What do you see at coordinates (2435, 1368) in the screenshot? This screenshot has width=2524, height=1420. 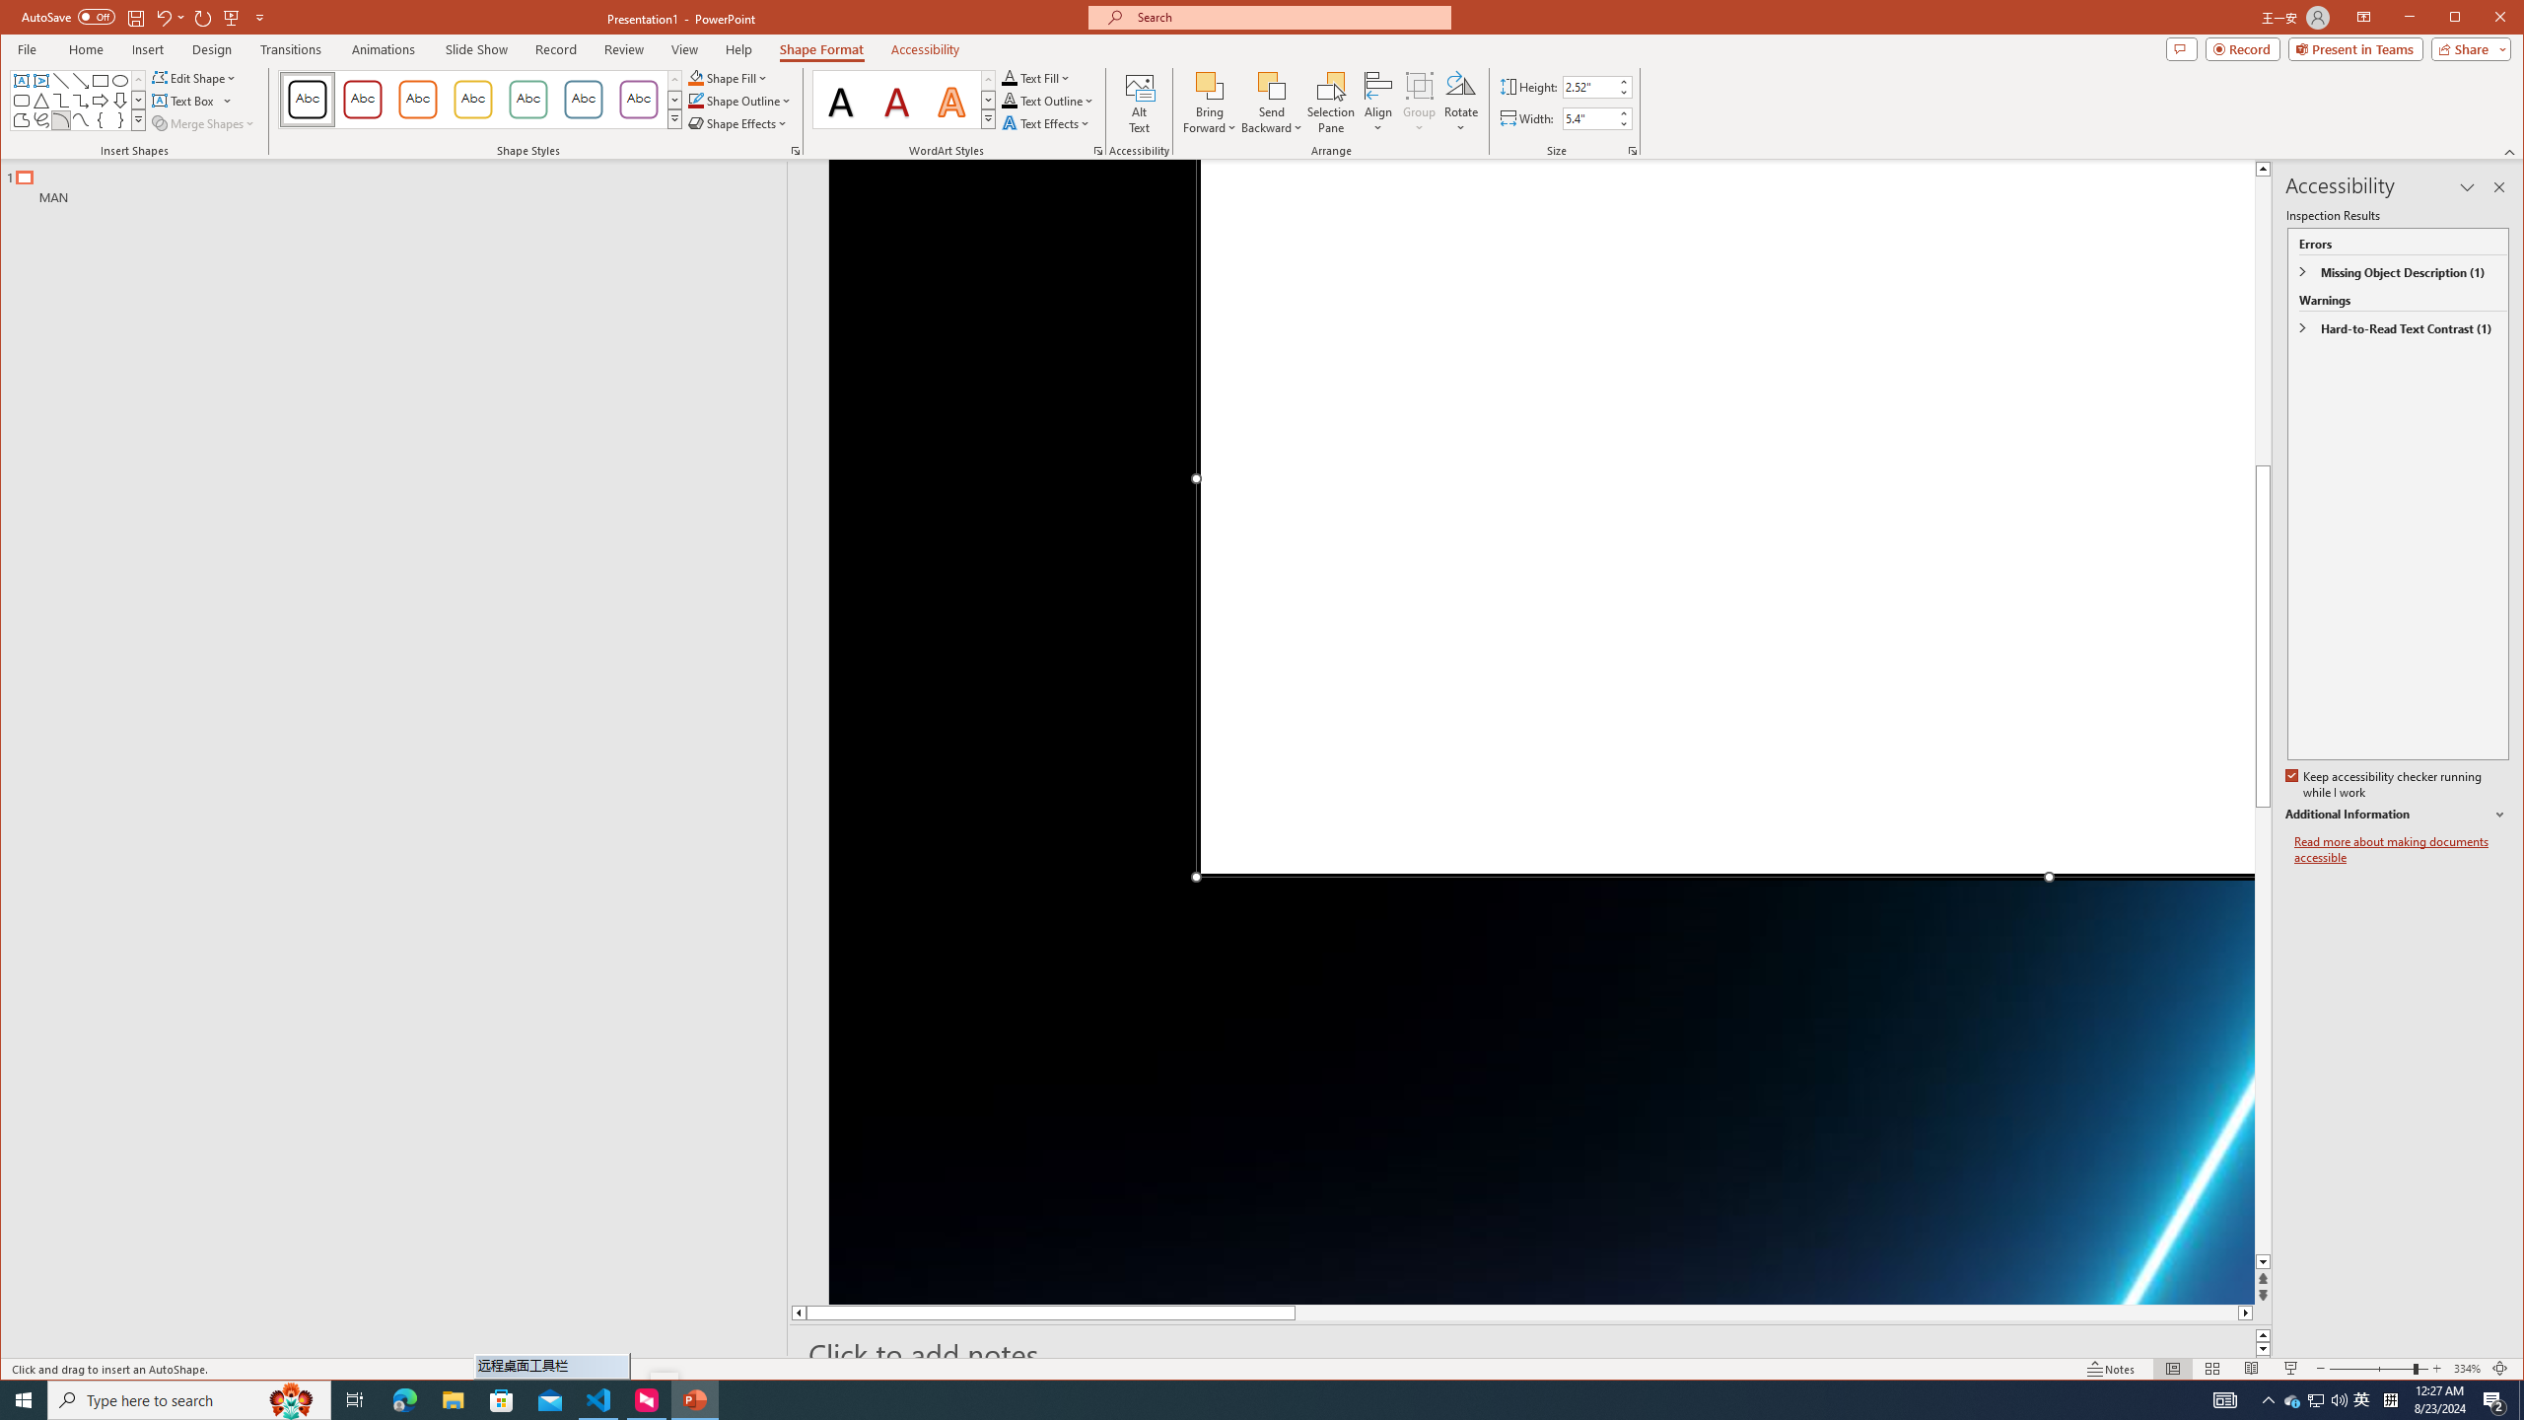 I see `'Zoom In'` at bounding box center [2435, 1368].